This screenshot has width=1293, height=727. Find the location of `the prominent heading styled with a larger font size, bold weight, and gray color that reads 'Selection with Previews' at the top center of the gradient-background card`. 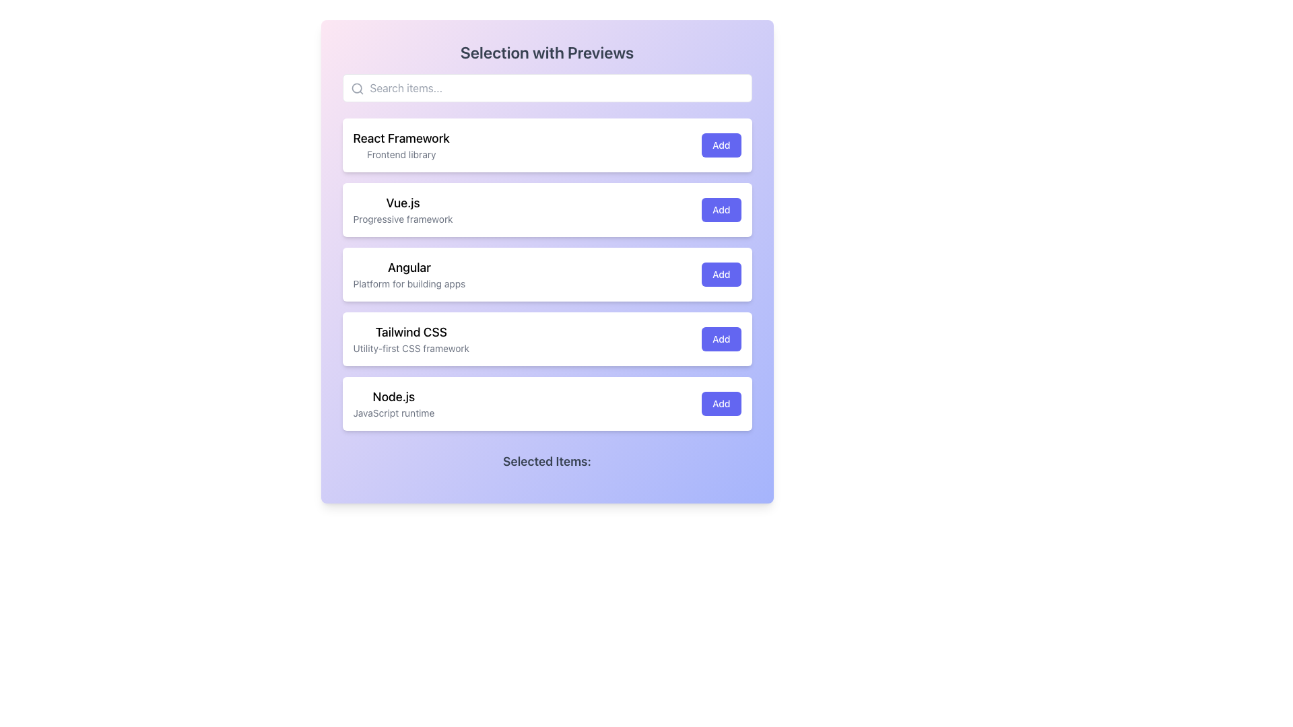

the prominent heading styled with a larger font size, bold weight, and gray color that reads 'Selection with Previews' at the top center of the gradient-background card is located at coordinates (547, 51).